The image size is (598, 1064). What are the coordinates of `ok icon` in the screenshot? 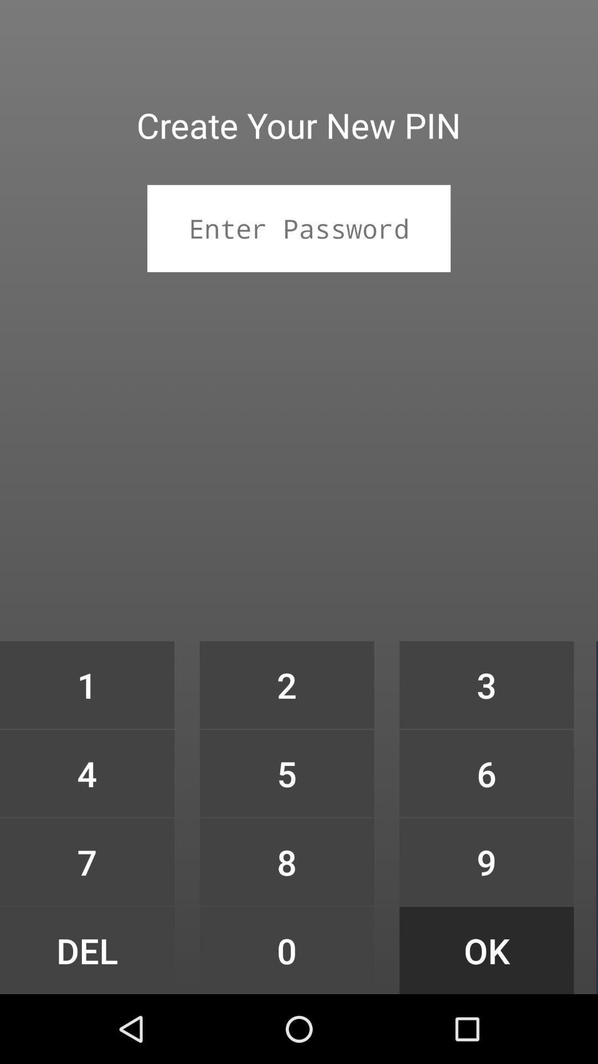 It's located at (486, 950).